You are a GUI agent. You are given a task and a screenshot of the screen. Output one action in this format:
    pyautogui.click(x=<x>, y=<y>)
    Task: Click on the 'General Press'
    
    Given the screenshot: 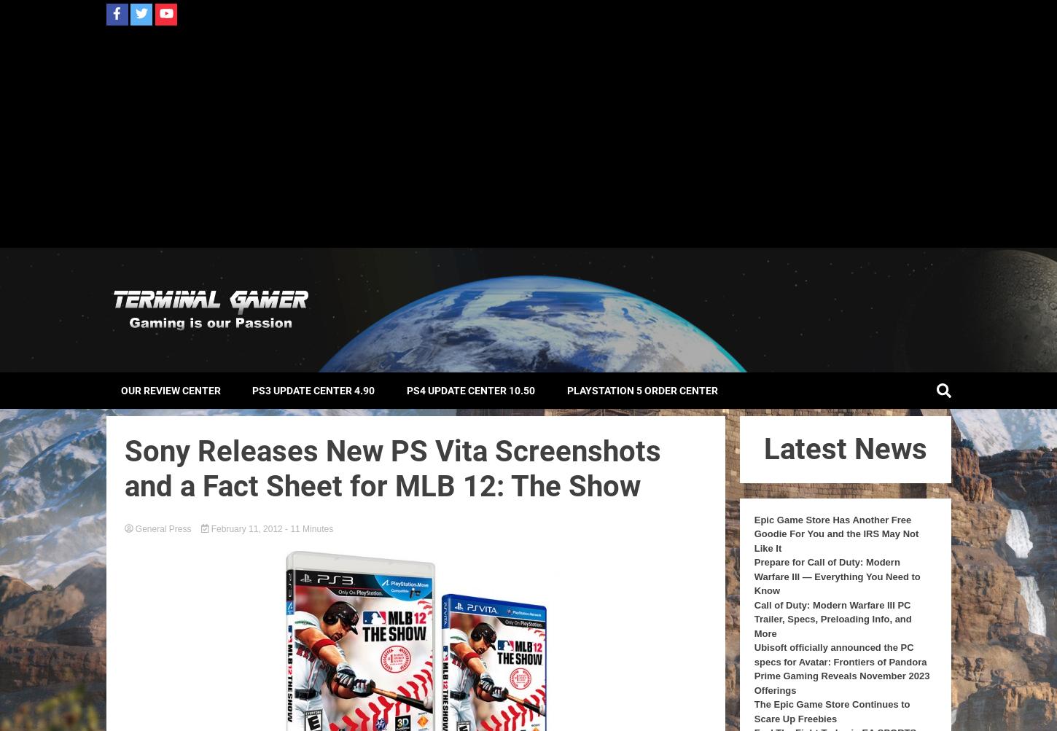 What is the action you would take?
    pyautogui.click(x=162, y=527)
    